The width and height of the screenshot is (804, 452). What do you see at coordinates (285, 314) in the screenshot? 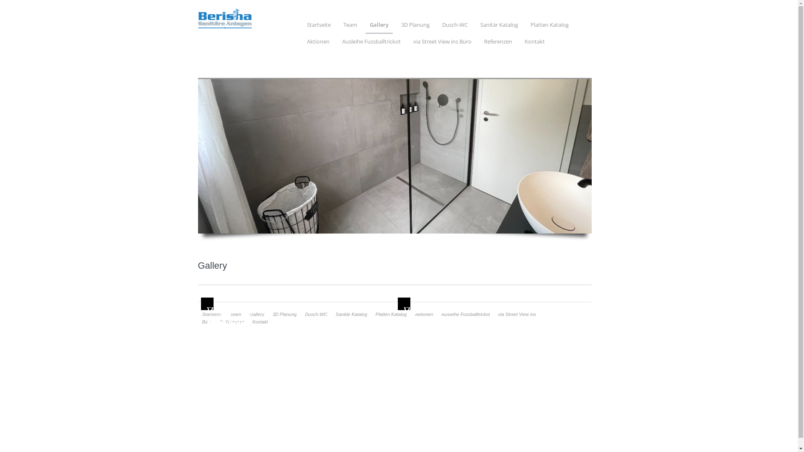
I see `'3D Planung'` at bounding box center [285, 314].